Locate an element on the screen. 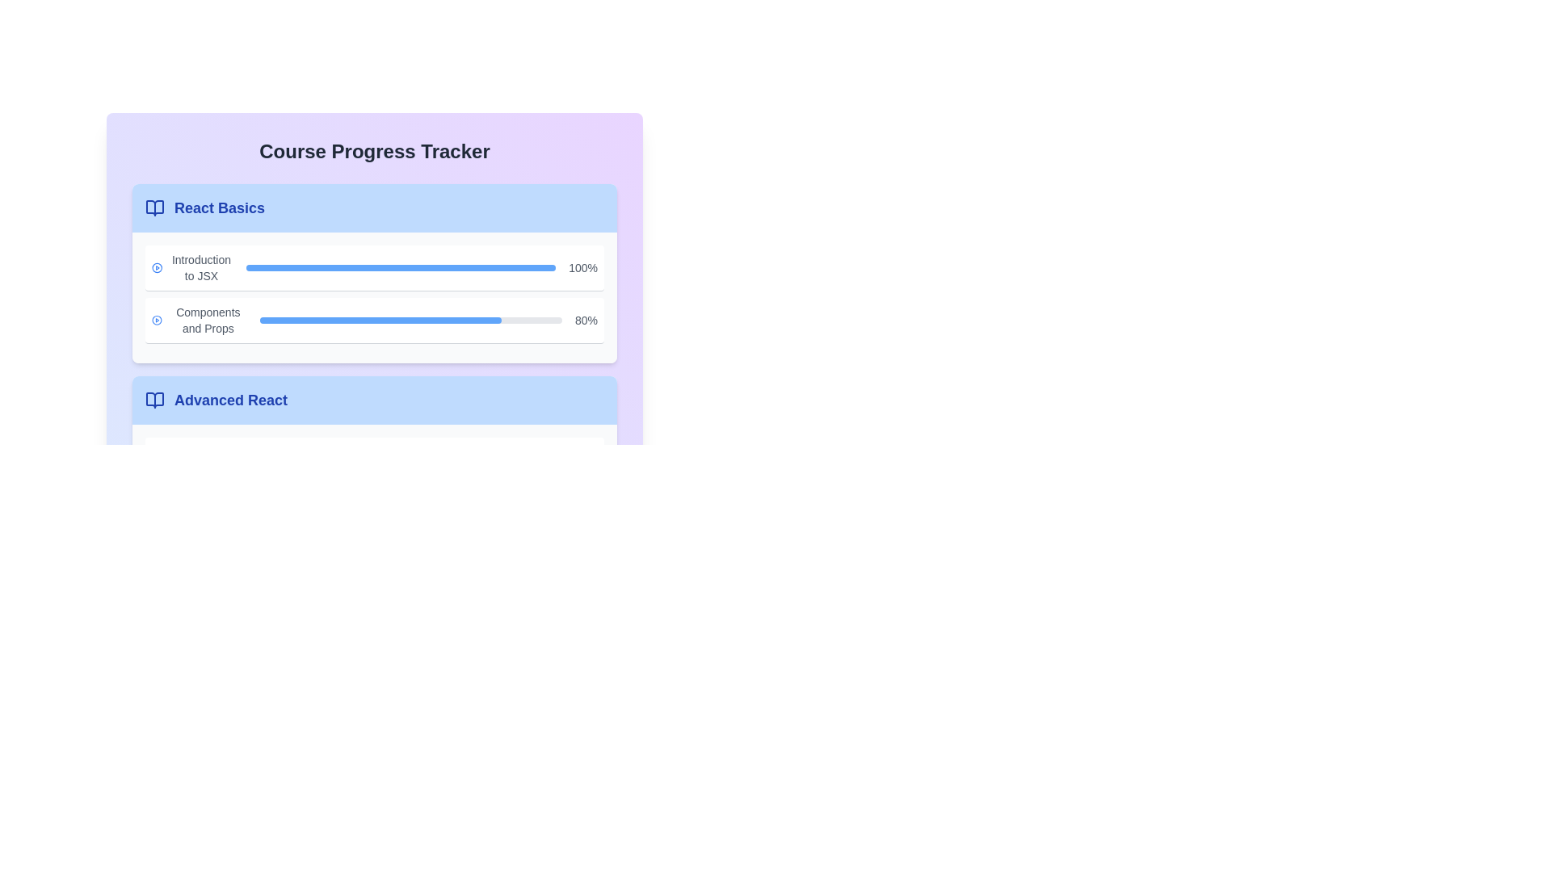  the progress bar that visually represents 80% completion in the 'Components and Props' section, located centrally below the 'Introduction to JSX' progress bar in the React Basics module is located at coordinates (411, 321).